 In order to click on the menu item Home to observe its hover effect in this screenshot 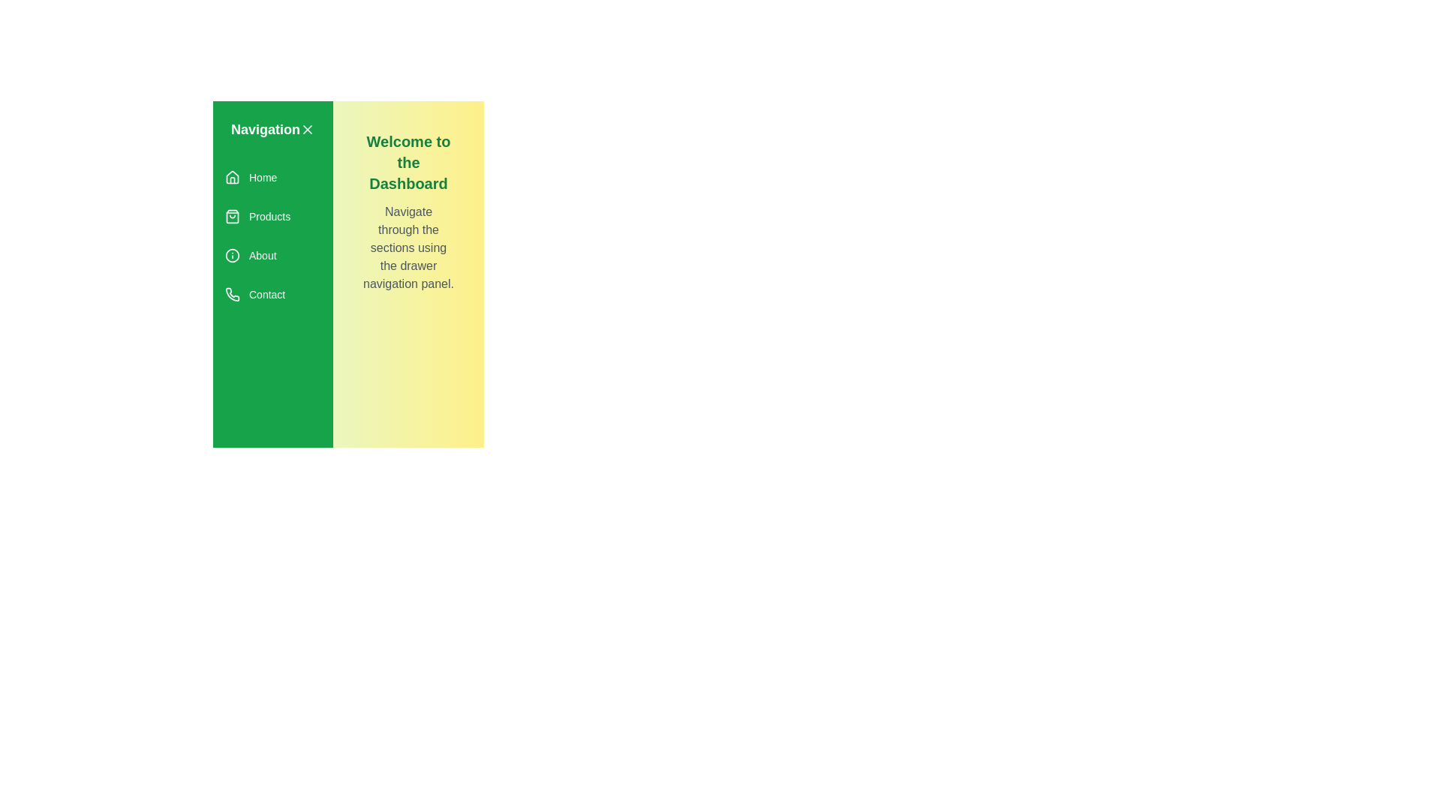, I will do `click(273, 176)`.